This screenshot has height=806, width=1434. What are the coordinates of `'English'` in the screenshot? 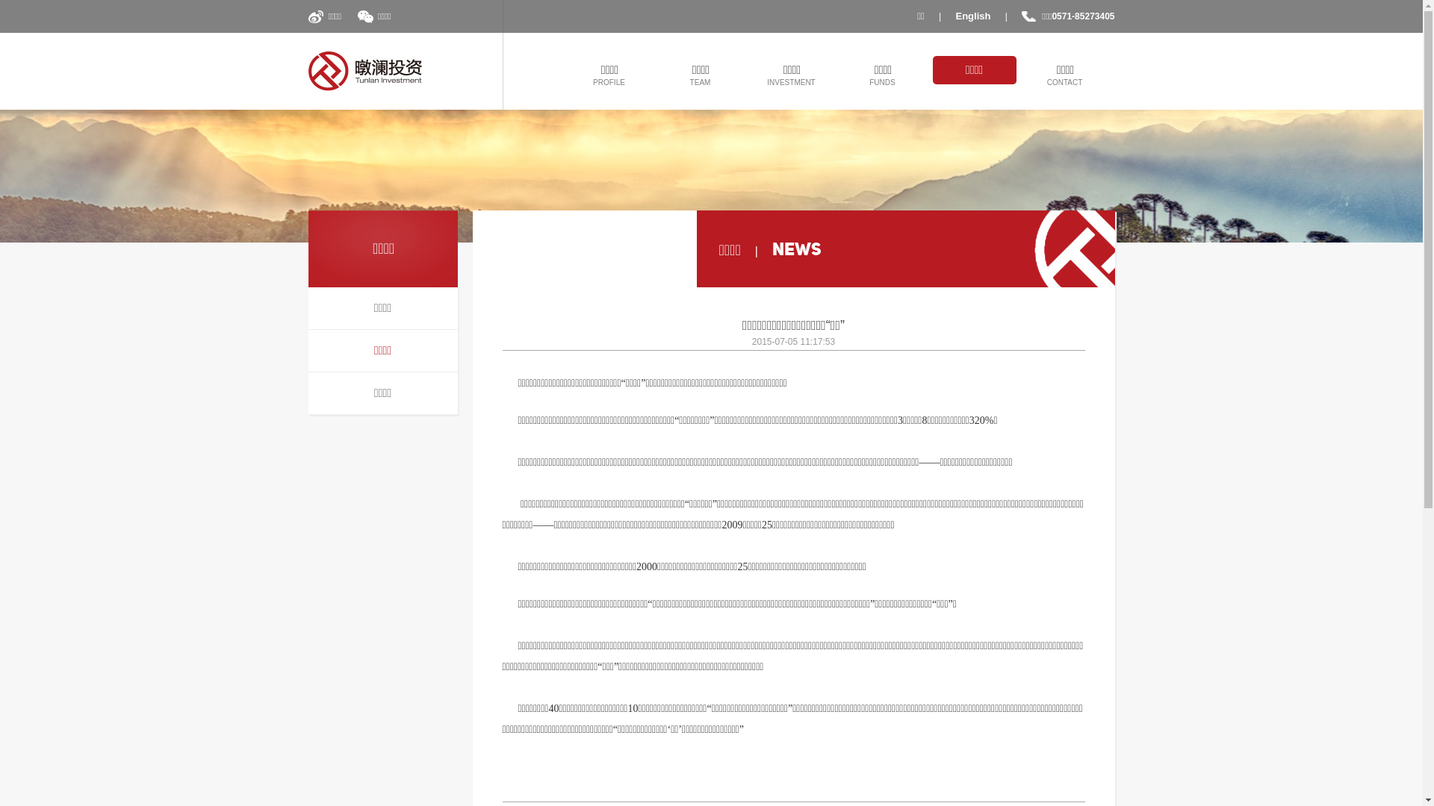 It's located at (973, 16).